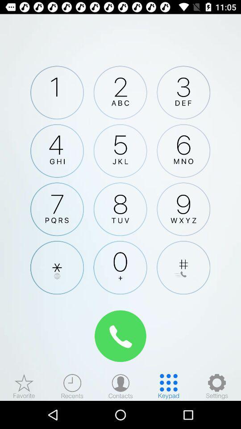 Image resolution: width=241 pixels, height=429 pixels. I want to click on asterisk, so click(57, 268).